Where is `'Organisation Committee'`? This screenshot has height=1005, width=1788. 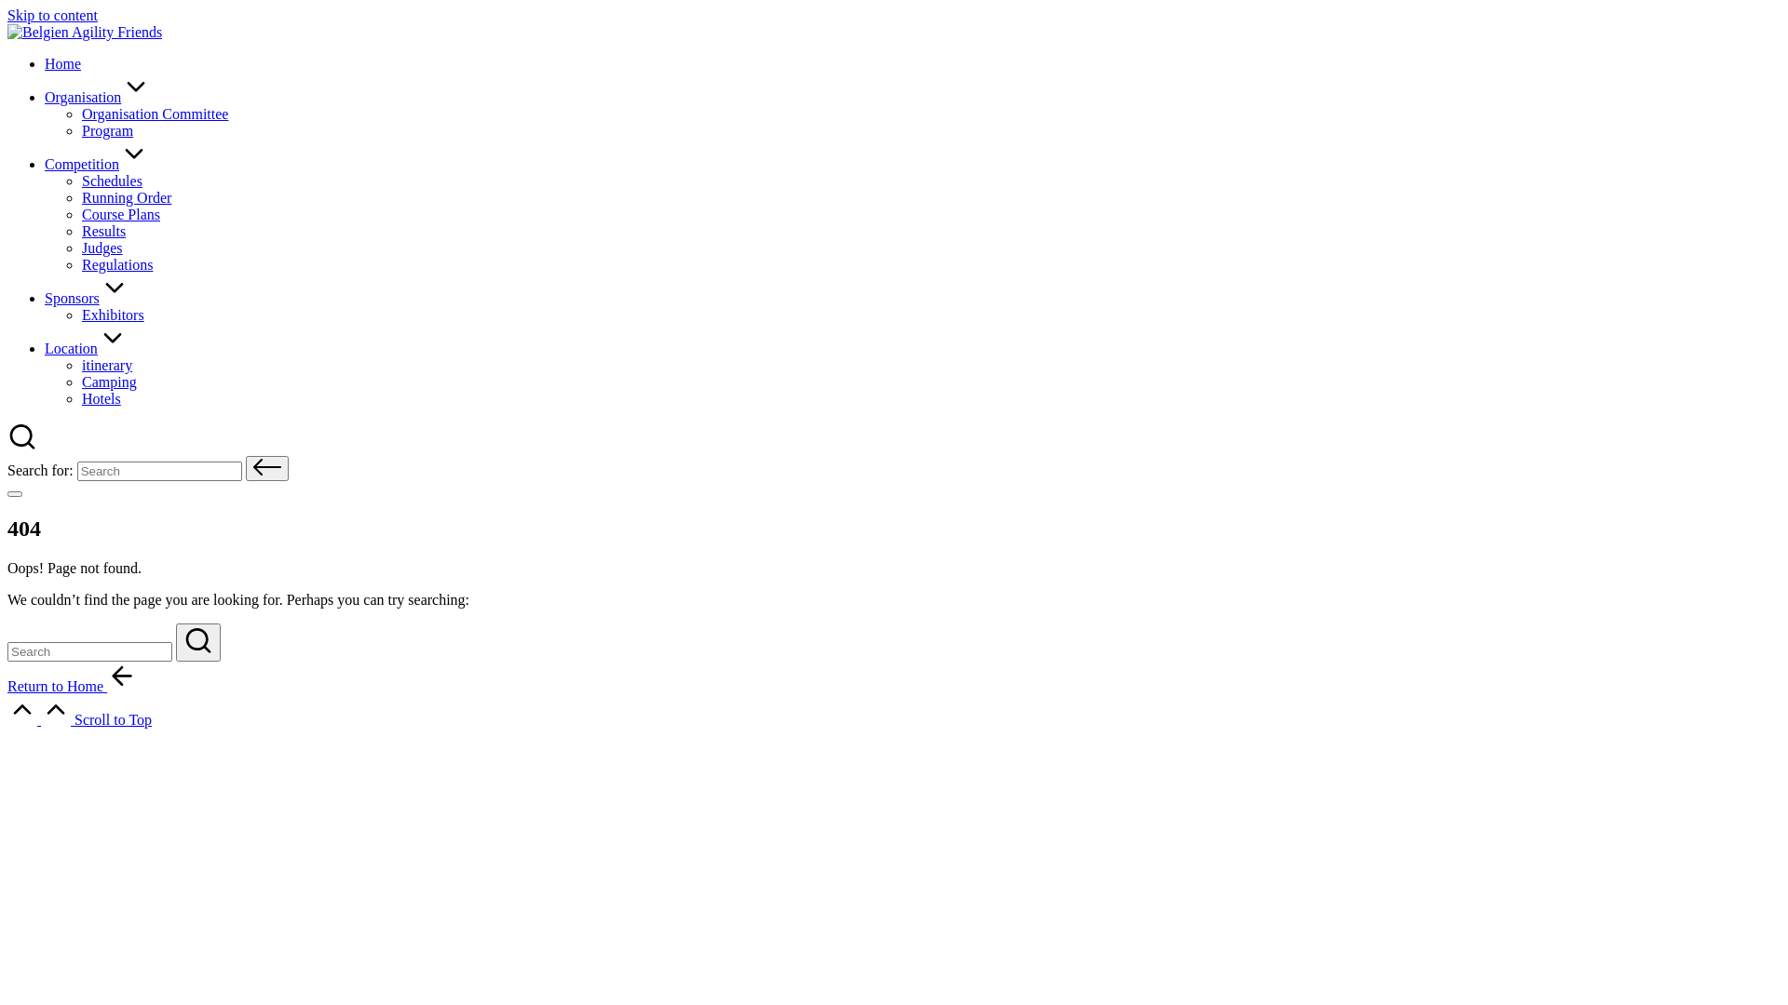
'Organisation Committee' is located at coordinates (155, 114).